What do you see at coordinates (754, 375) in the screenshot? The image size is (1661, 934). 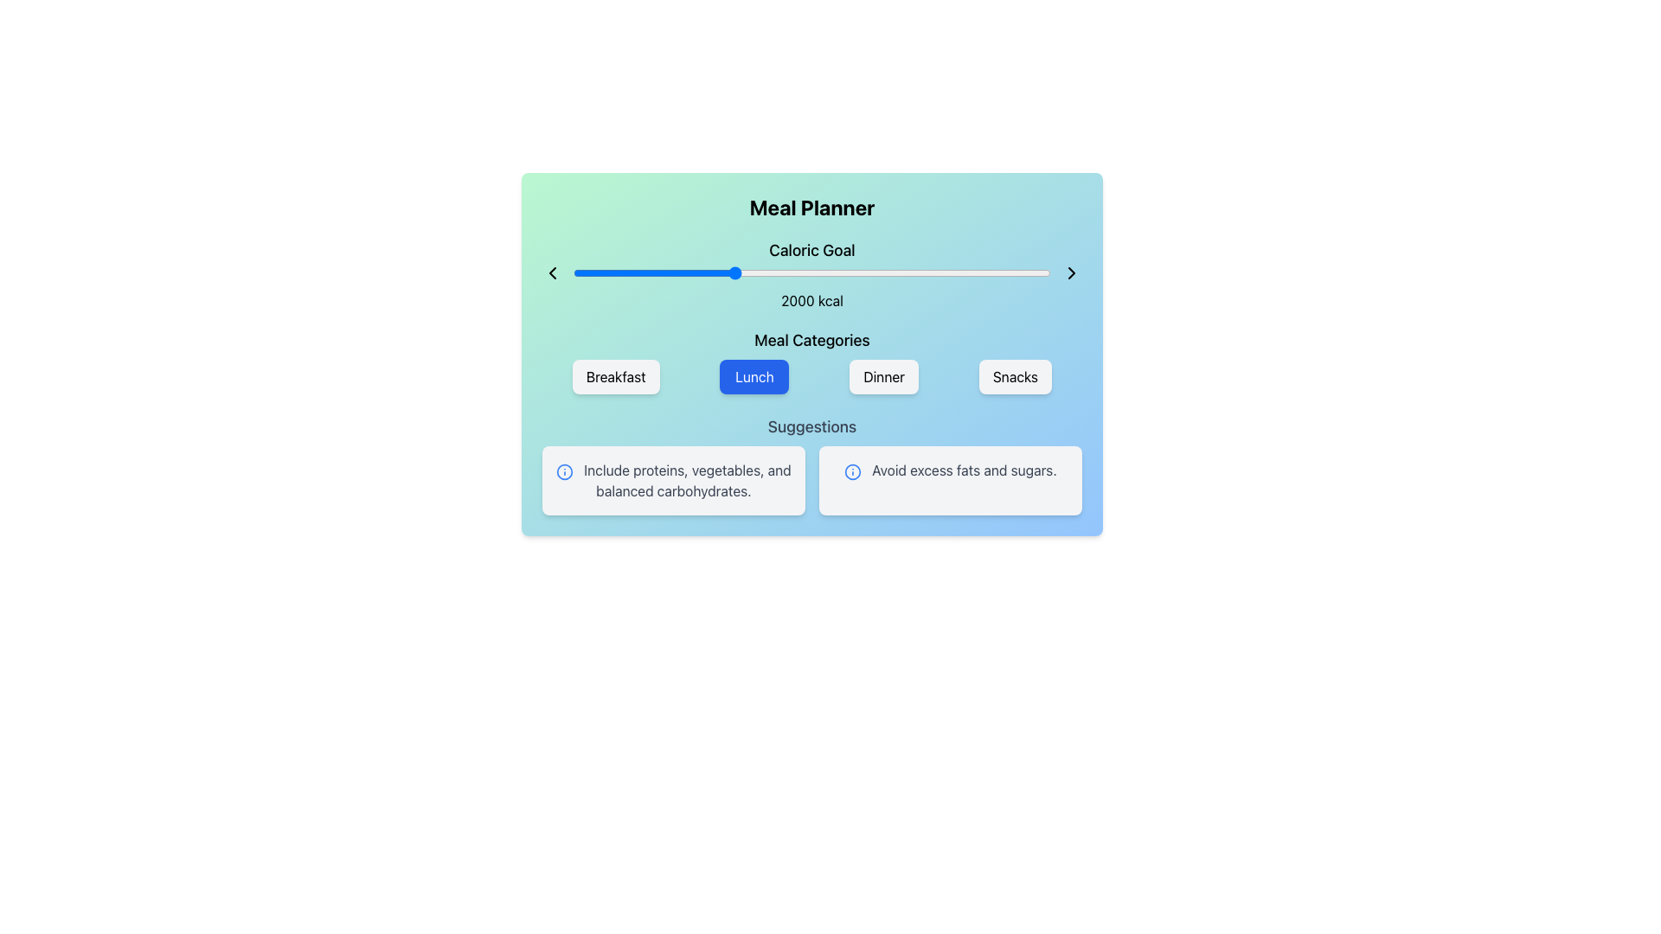 I see `the blue 'Lunch' button with white text in the Meal Categories section` at bounding box center [754, 375].